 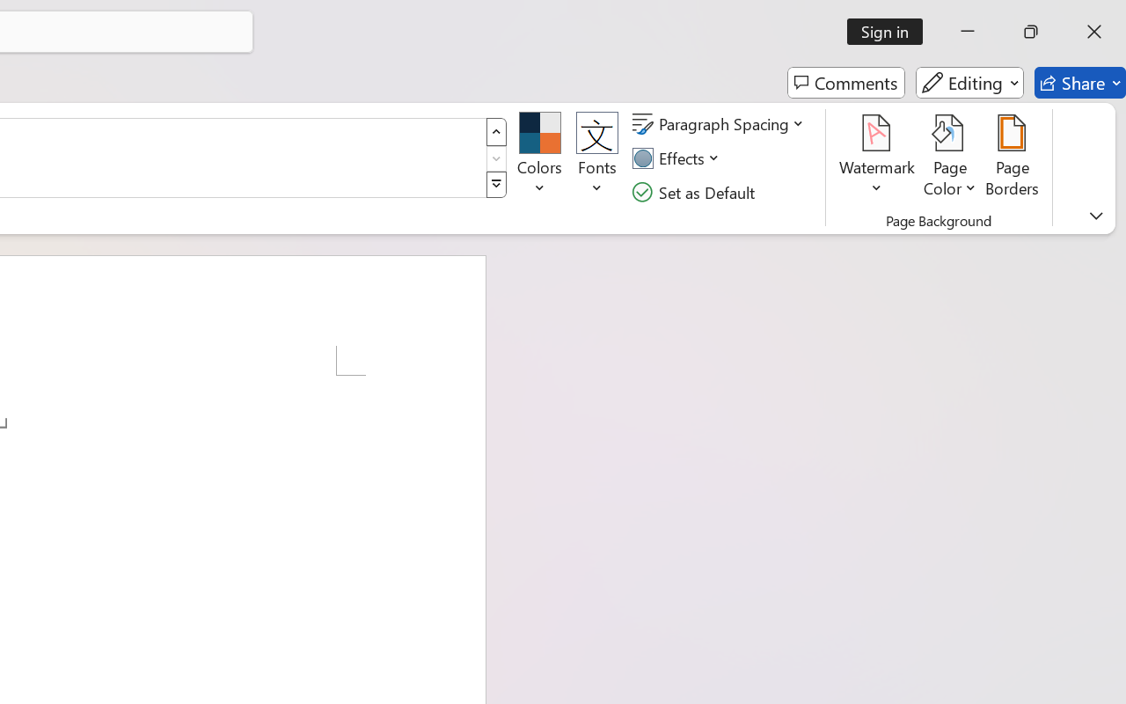 I want to click on 'Style Set', so click(x=495, y=185).